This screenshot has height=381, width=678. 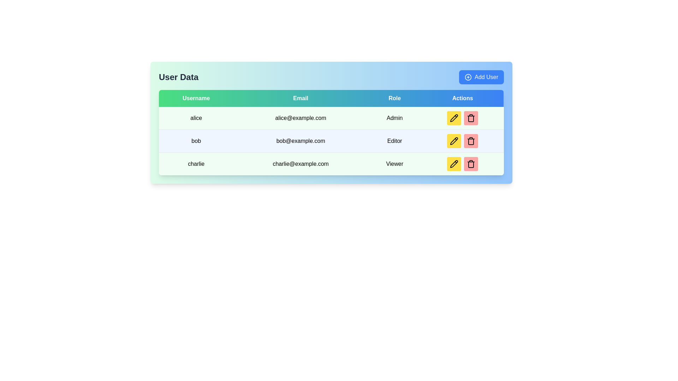 I want to click on the 'Add User' button, which is a rectangular button with rounded corners, blue background, and white text, located at the top-right corner of the 'User Data' section, so click(x=481, y=77).